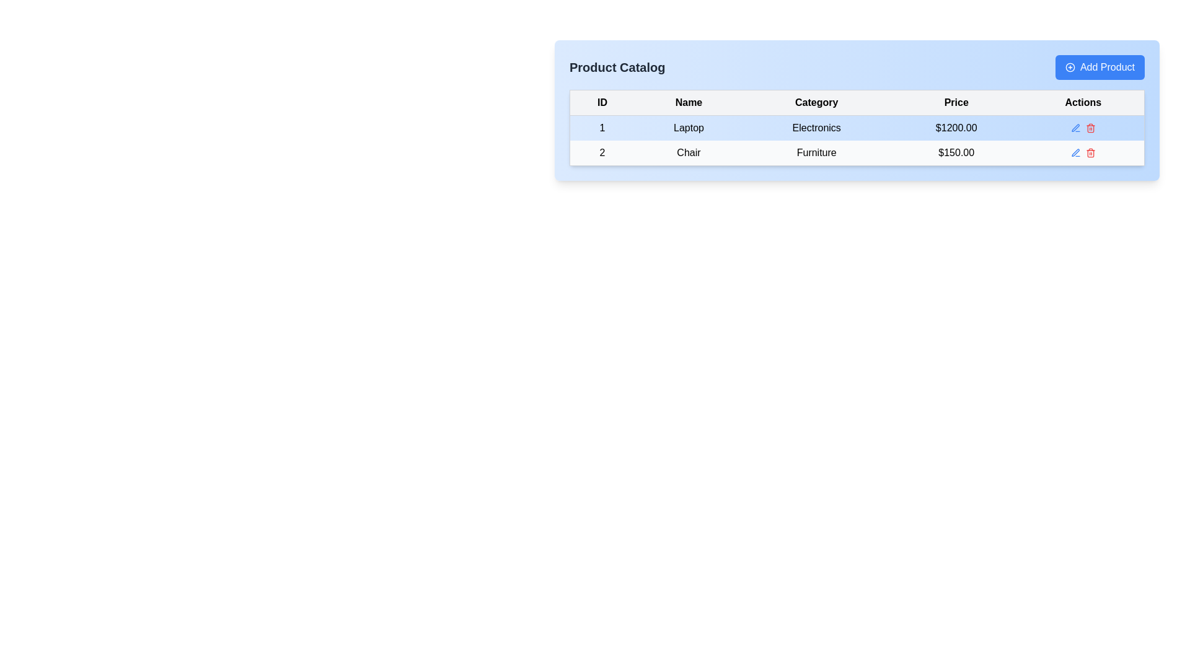  Describe the element at coordinates (816, 128) in the screenshot. I see `text content of the 'Category' element located in the first row of the table, which is positioned between 'Laptop' and '$1200.00'` at that location.